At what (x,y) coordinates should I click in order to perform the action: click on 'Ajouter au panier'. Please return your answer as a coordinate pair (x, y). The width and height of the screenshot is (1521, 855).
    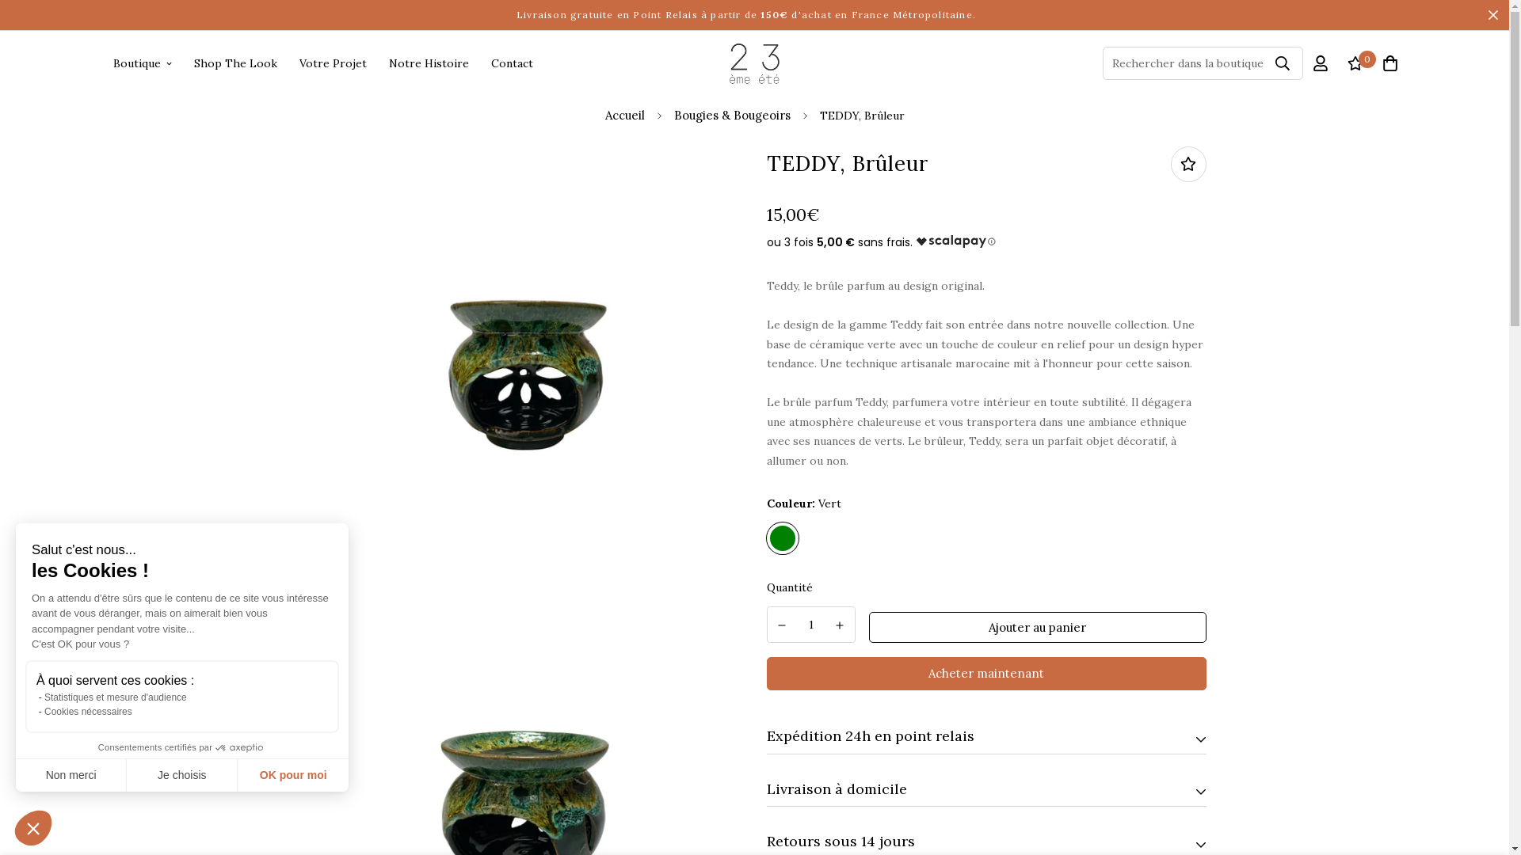
    Looking at the image, I should click on (1038, 627).